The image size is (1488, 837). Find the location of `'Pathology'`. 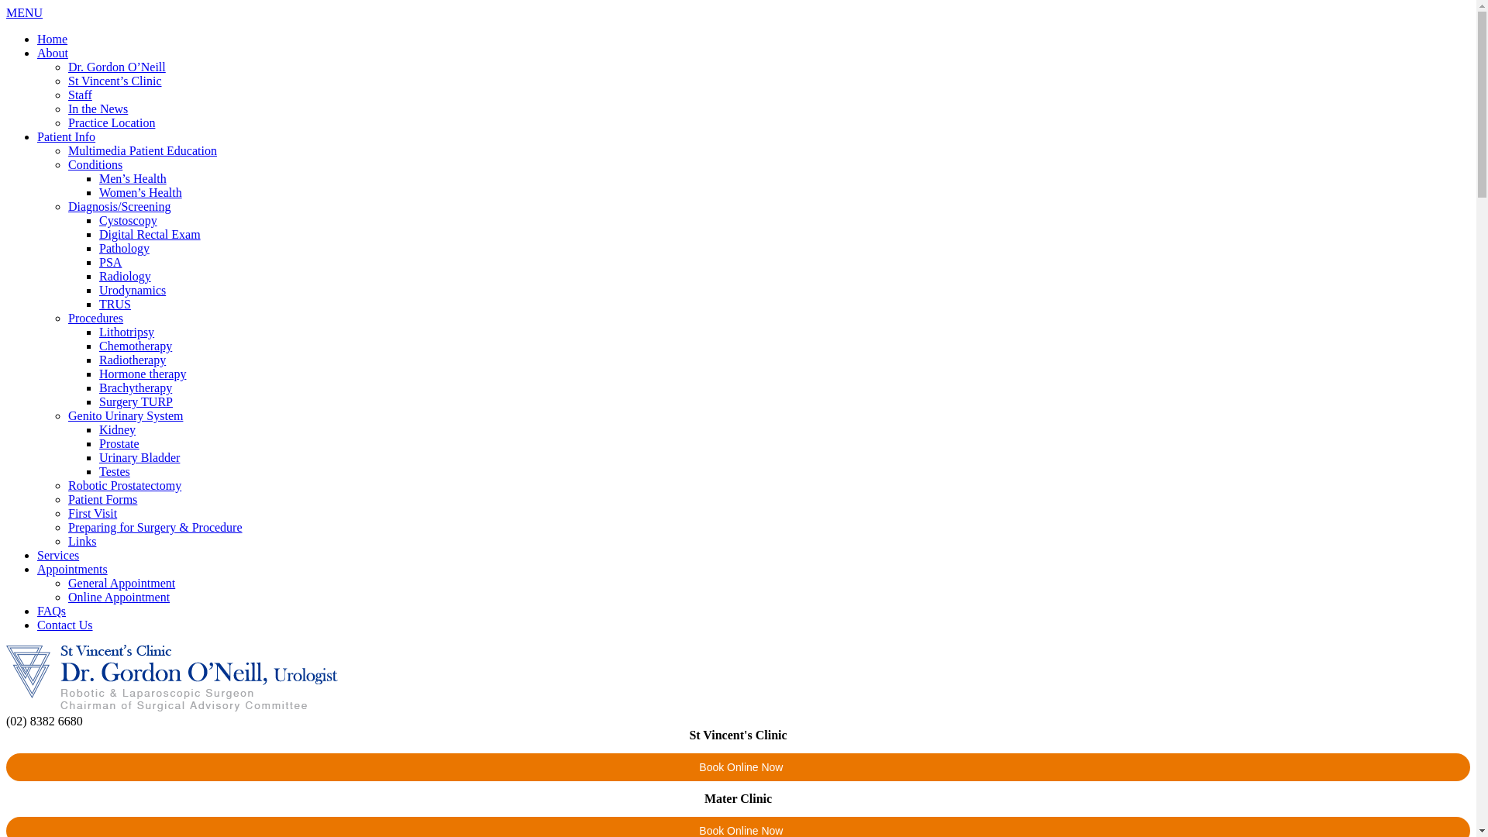

'Pathology' is located at coordinates (124, 247).